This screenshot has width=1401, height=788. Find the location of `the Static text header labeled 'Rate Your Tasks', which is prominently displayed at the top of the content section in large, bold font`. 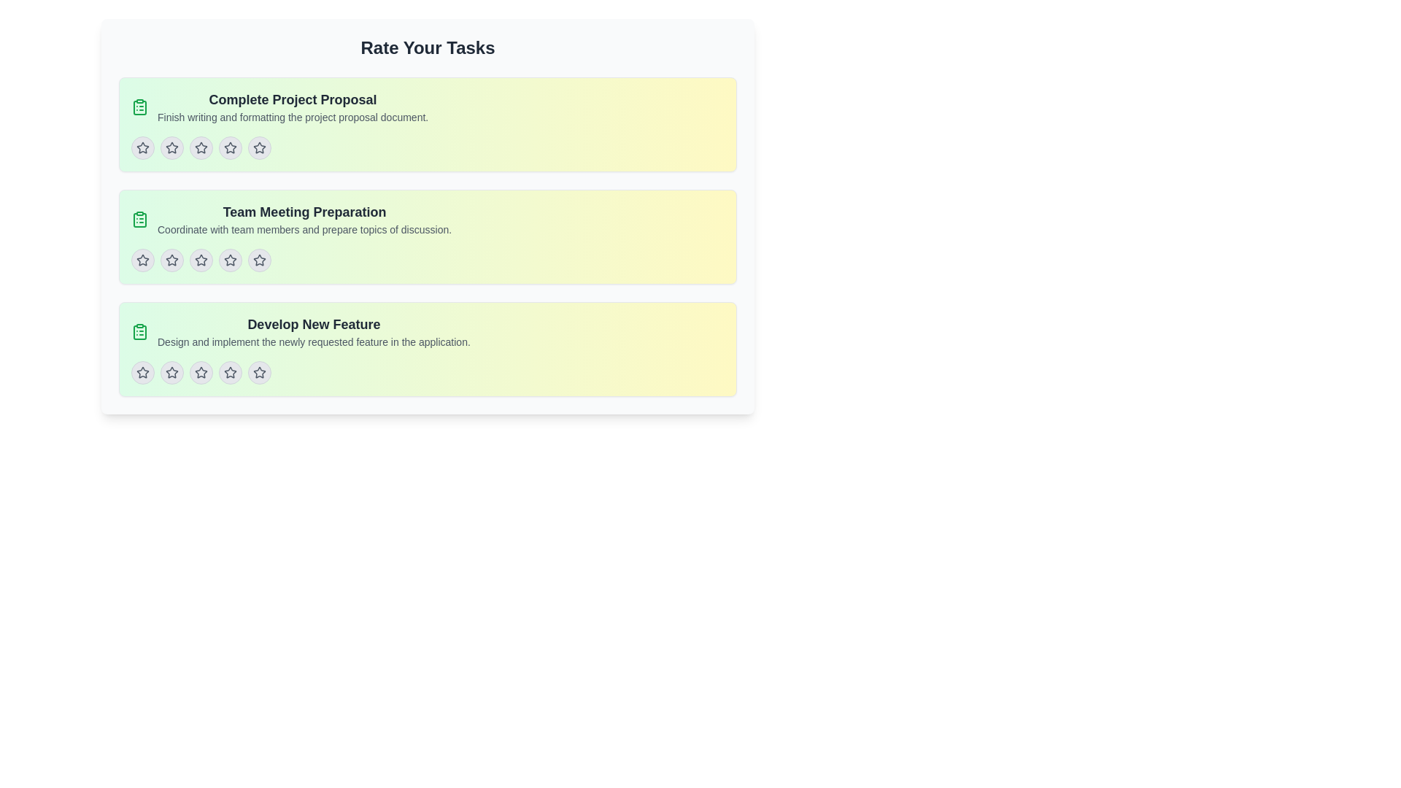

the Static text header labeled 'Rate Your Tasks', which is prominently displayed at the top of the content section in large, bold font is located at coordinates (427, 47).